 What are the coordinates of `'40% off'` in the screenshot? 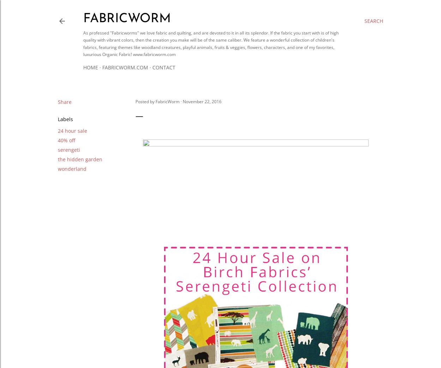 It's located at (66, 139).